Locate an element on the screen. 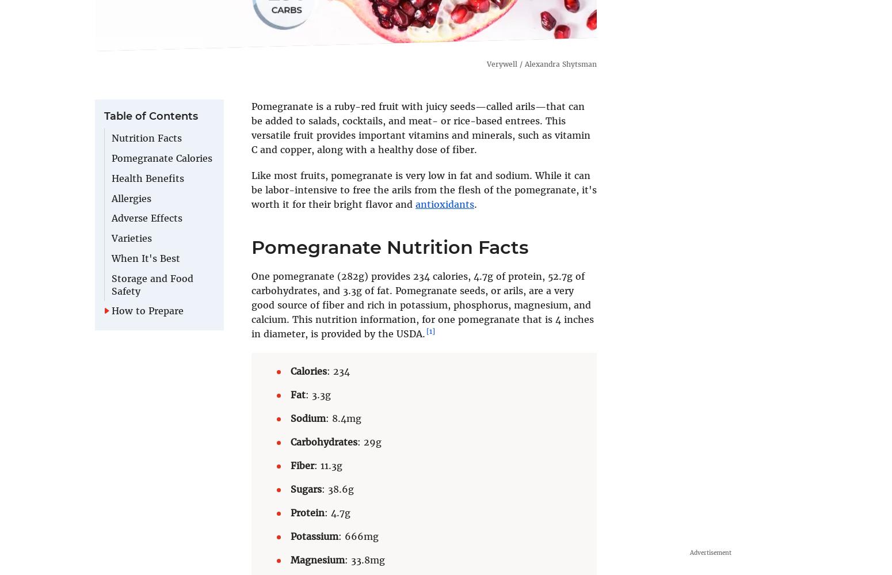 The width and height of the screenshot is (892, 575). 'Fiber' is located at coordinates (302, 464).